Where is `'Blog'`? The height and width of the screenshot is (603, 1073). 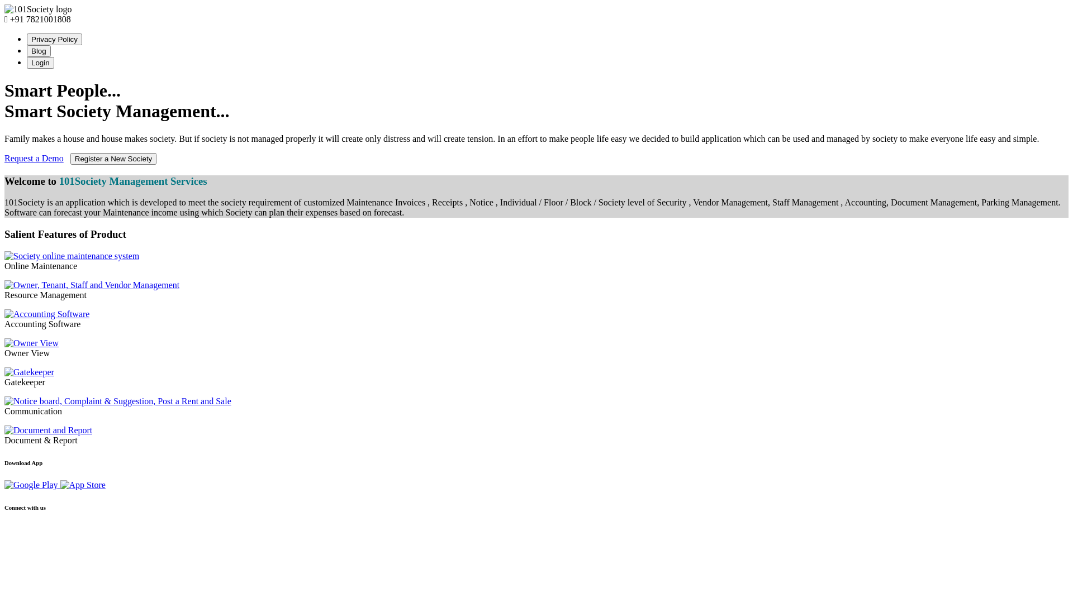 'Blog' is located at coordinates (39, 51).